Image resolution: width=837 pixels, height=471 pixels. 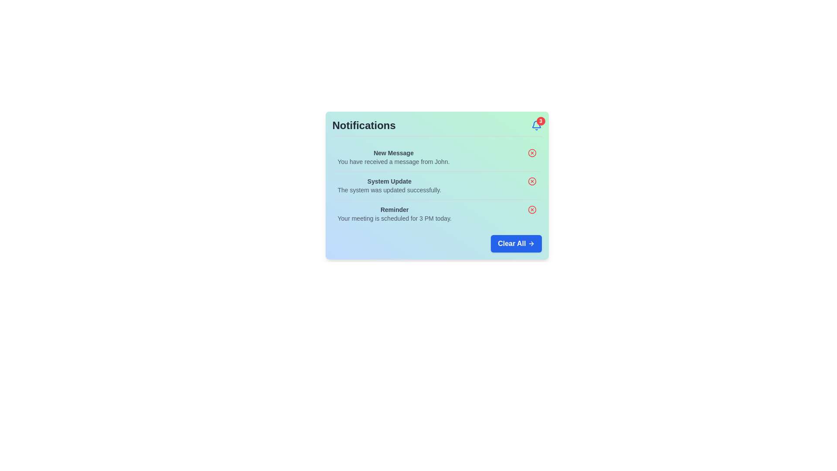 What do you see at coordinates (437, 214) in the screenshot?
I see `the Notification card that informs the user of a scheduled meeting at 3 PM today, which is the third entry in the vertically listed group of notifications` at bounding box center [437, 214].